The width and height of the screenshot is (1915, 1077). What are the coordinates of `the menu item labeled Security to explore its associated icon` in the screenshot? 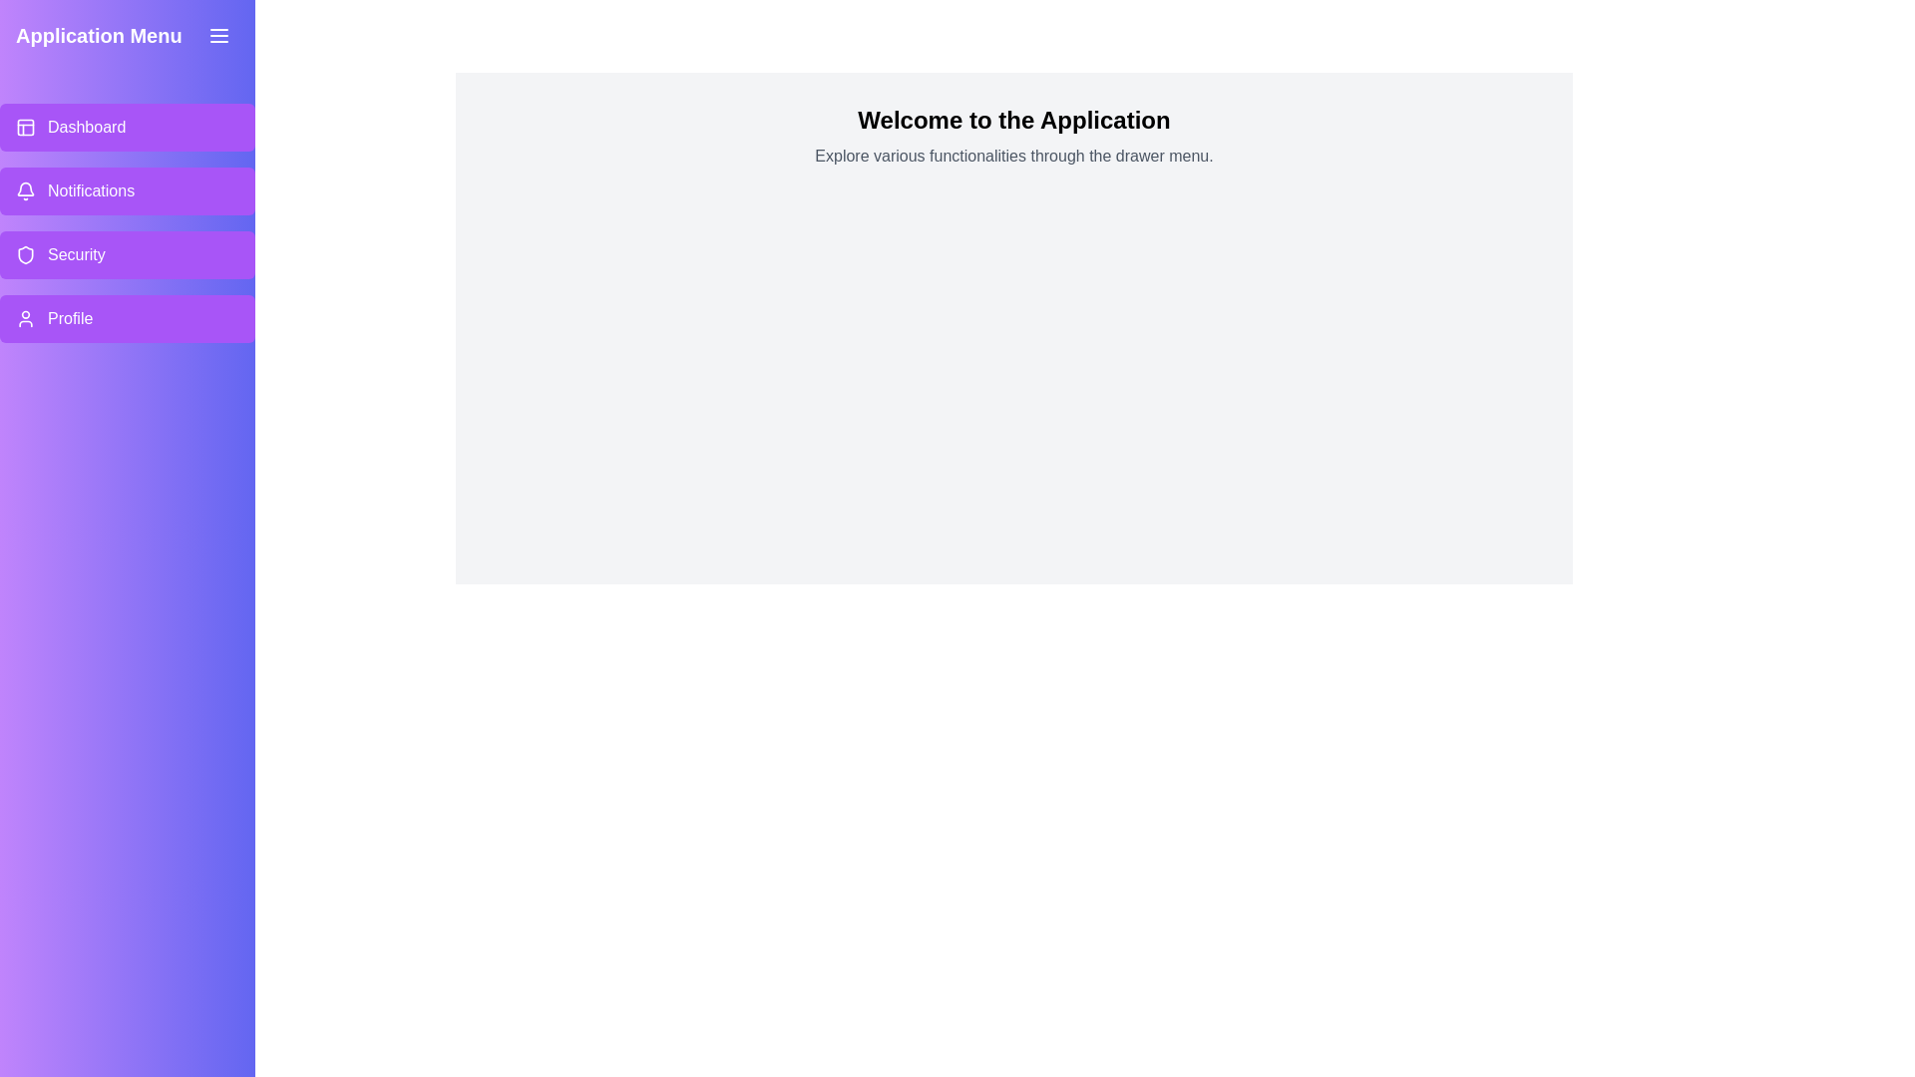 It's located at (25, 253).